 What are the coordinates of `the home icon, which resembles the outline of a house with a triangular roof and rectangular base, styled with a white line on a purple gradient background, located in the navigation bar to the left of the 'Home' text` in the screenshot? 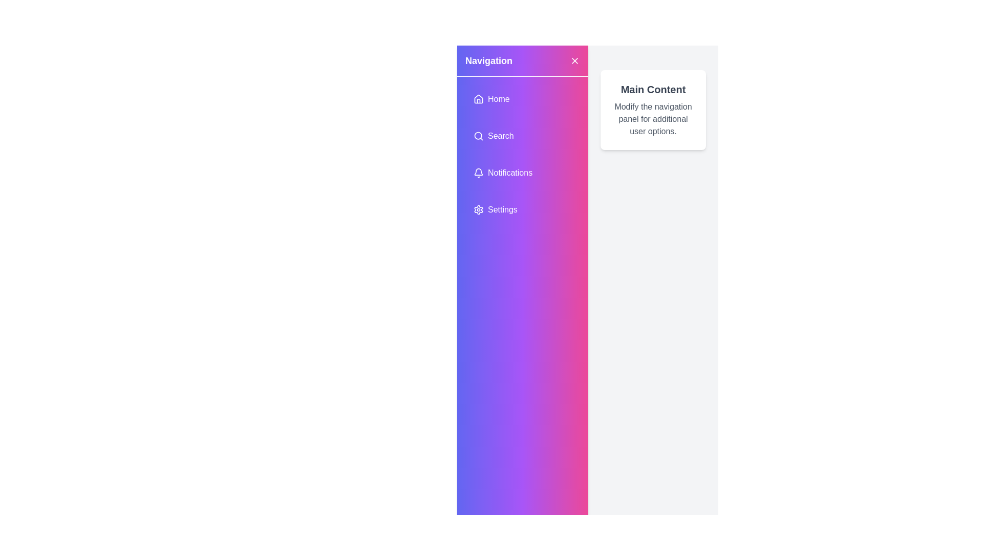 It's located at (478, 99).